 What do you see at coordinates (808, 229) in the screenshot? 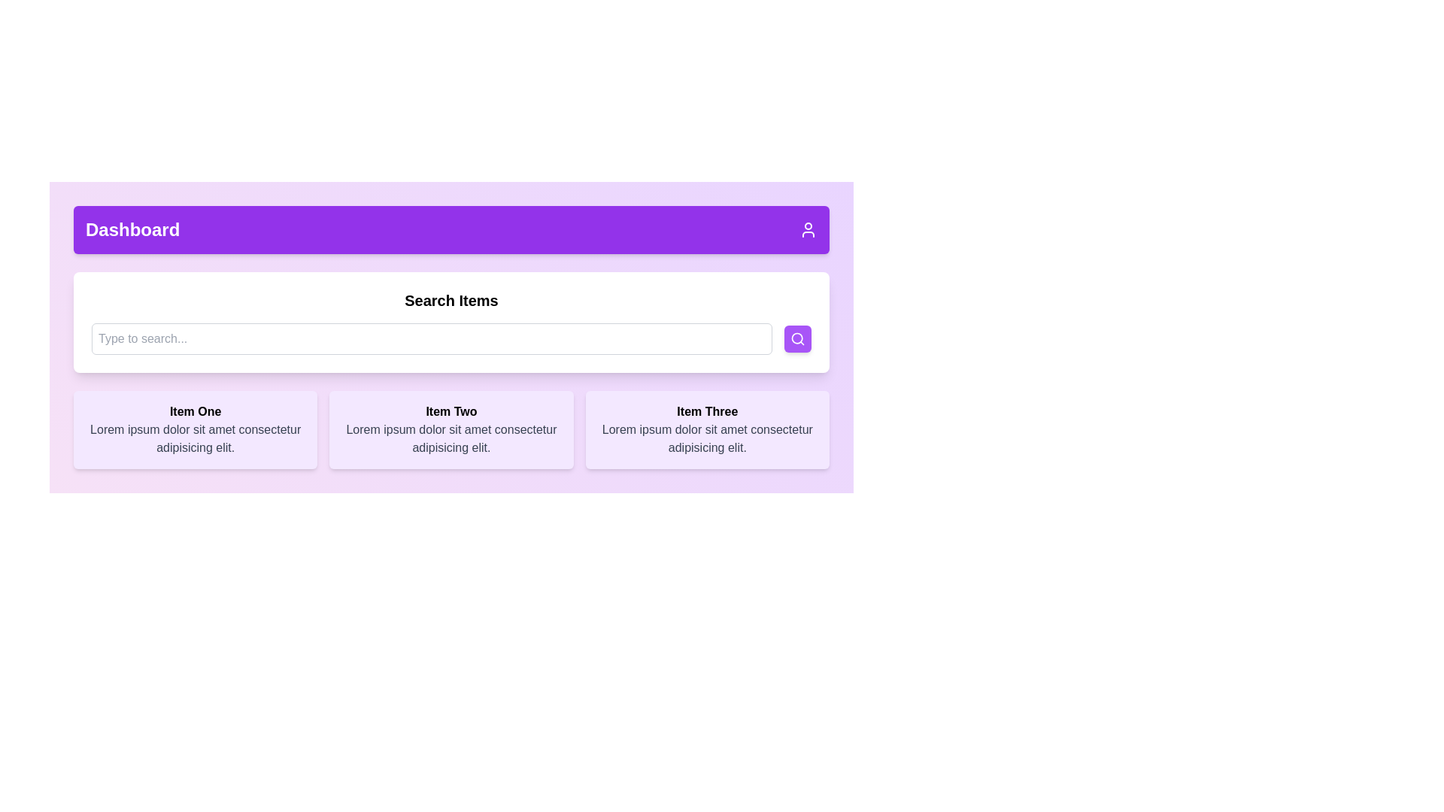
I see `the user-related Icon button located at the far right of the purple header bar` at bounding box center [808, 229].